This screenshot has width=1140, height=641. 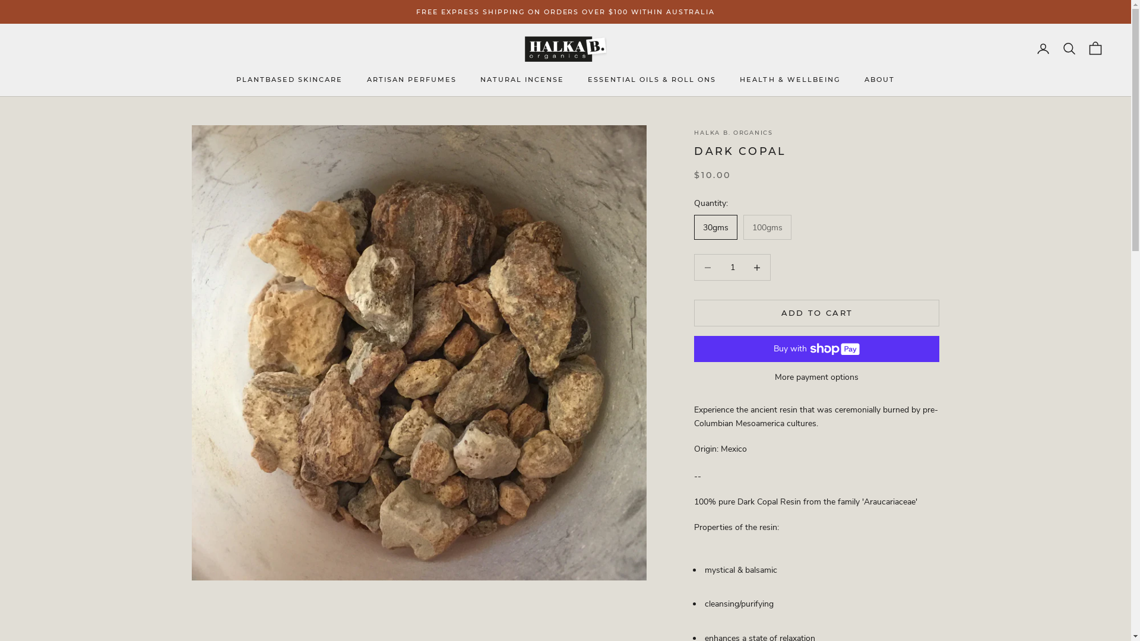 I want to click on 'Halka B. Organics', so click(x=564, y=47).